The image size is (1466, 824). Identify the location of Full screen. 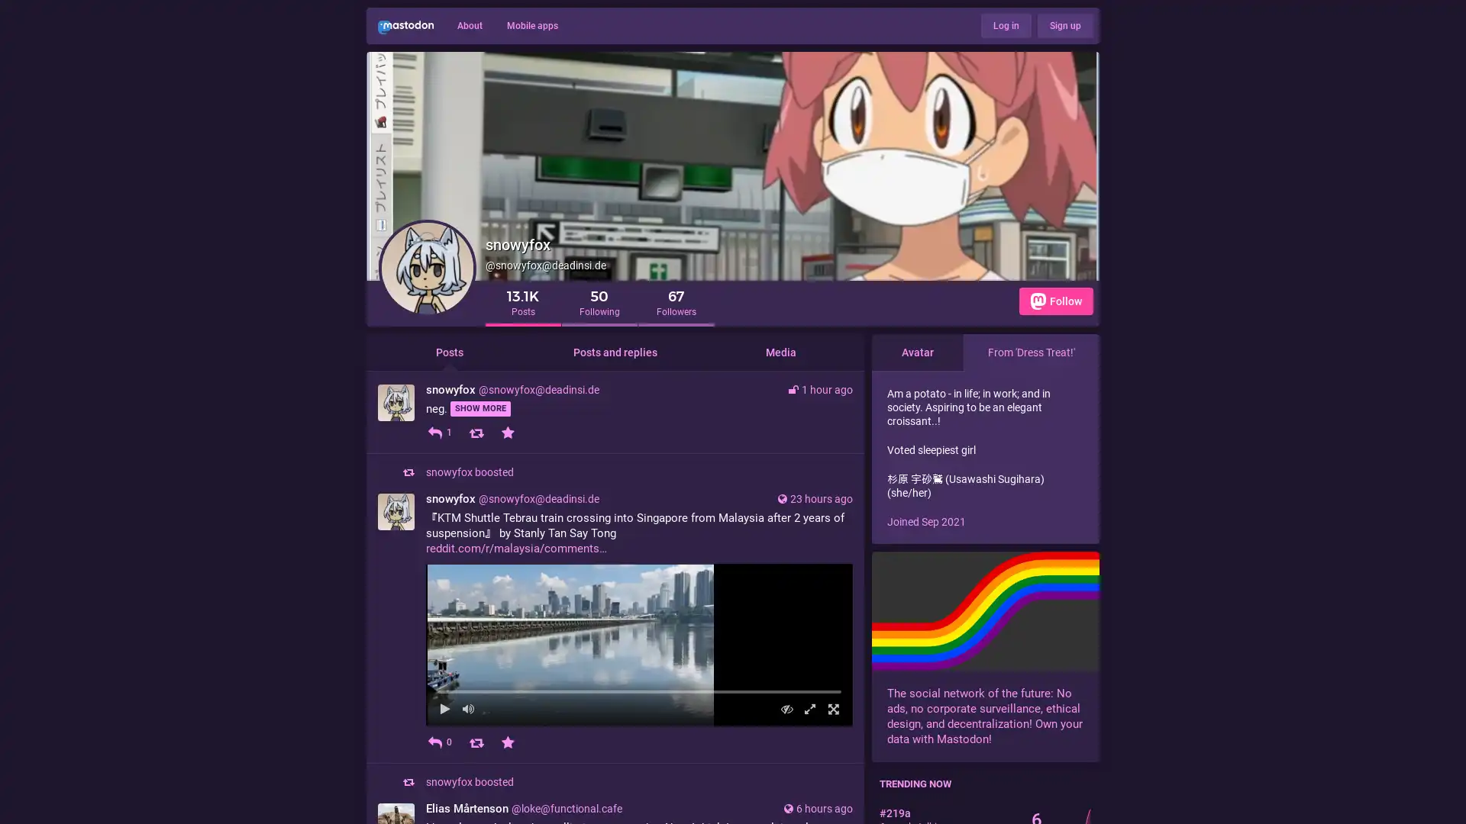
(832, 786).